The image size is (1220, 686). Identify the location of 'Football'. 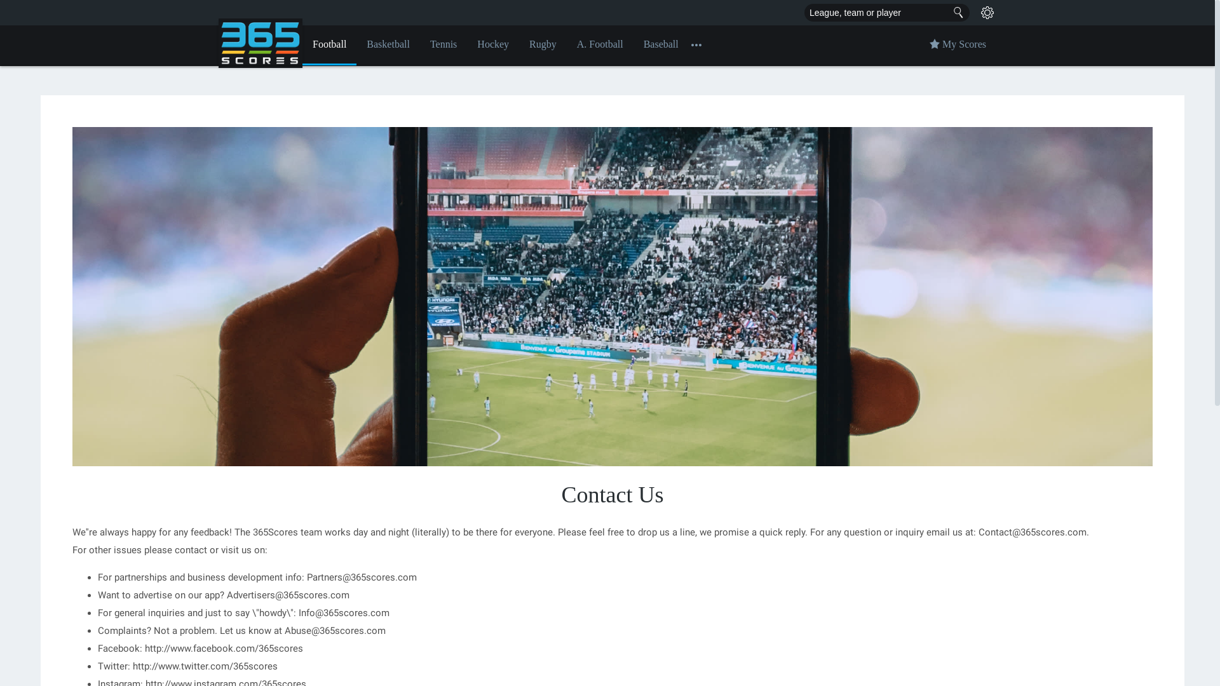
(329, 44).